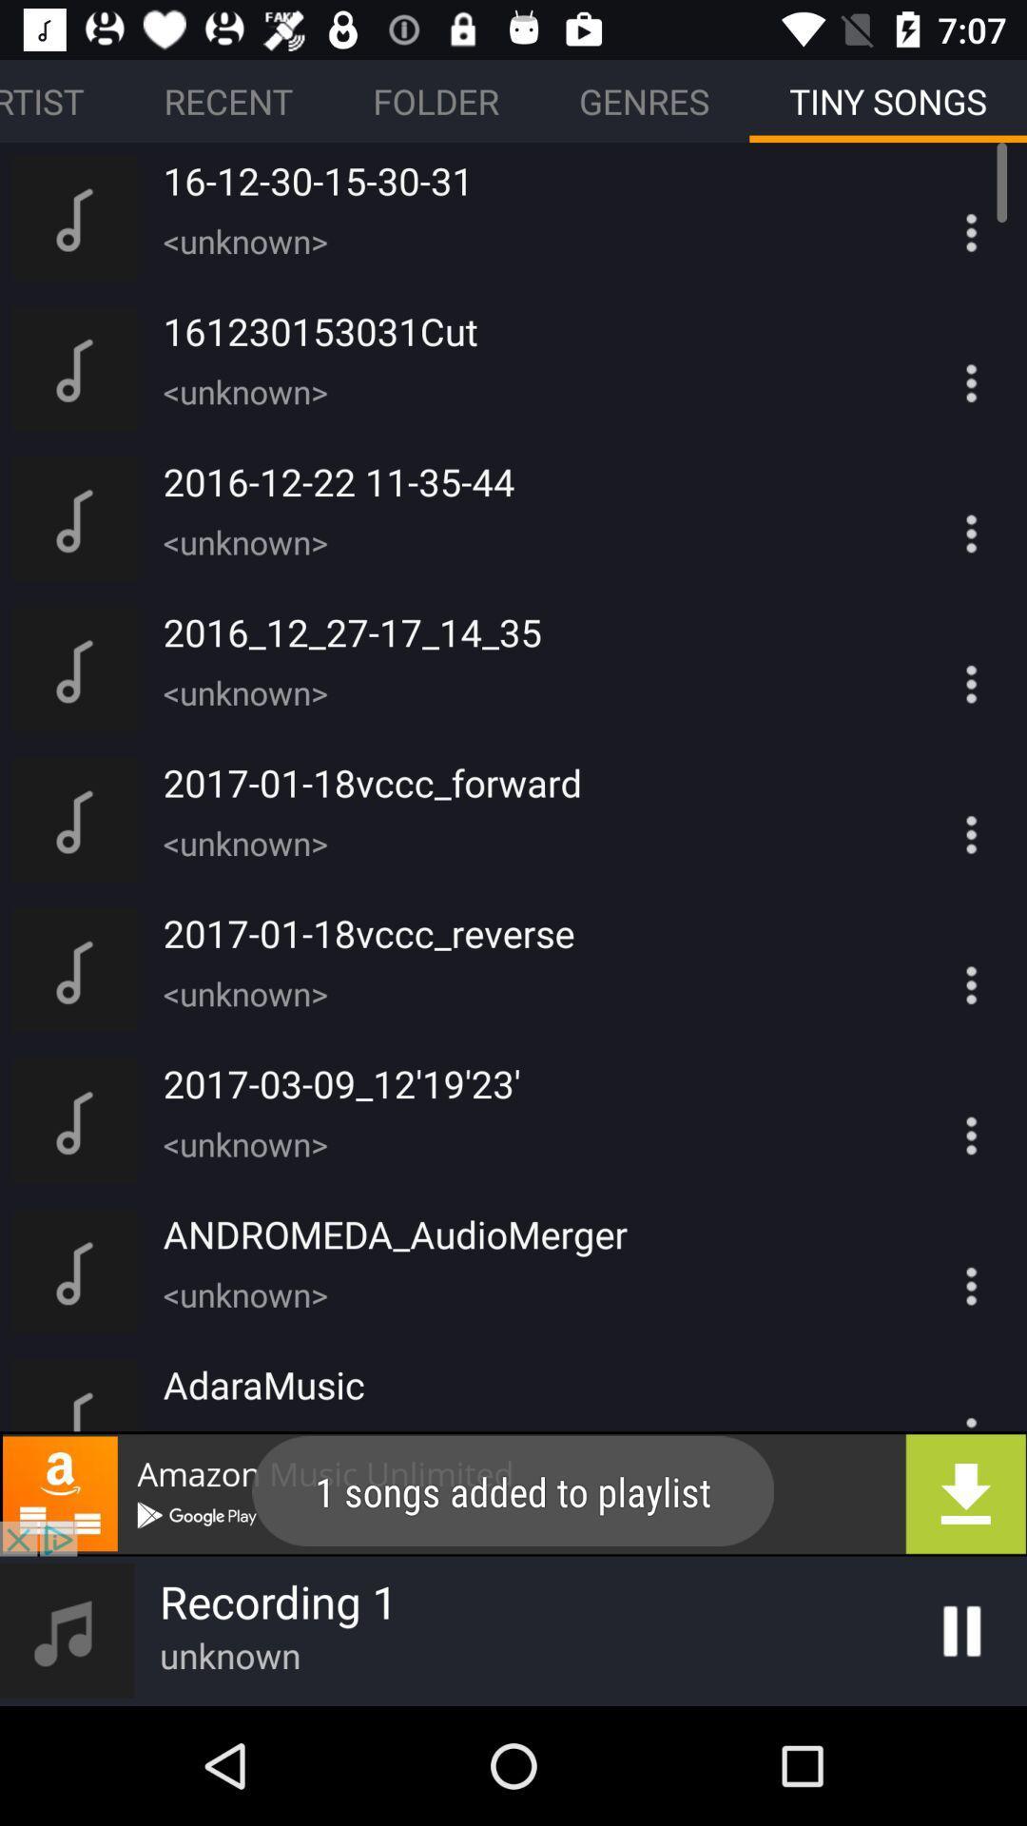  I want to click on the pause icon, so click(961, 1630).